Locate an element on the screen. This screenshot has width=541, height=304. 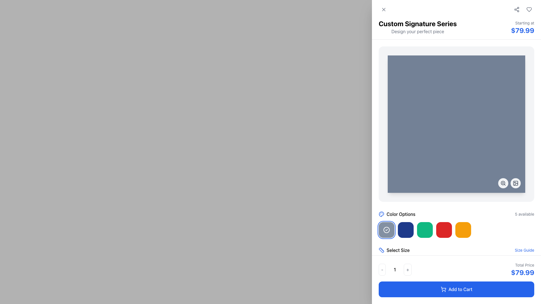
the 'L' size selection button, the fourth button in the size selection group is located at coordinates (433, 265).